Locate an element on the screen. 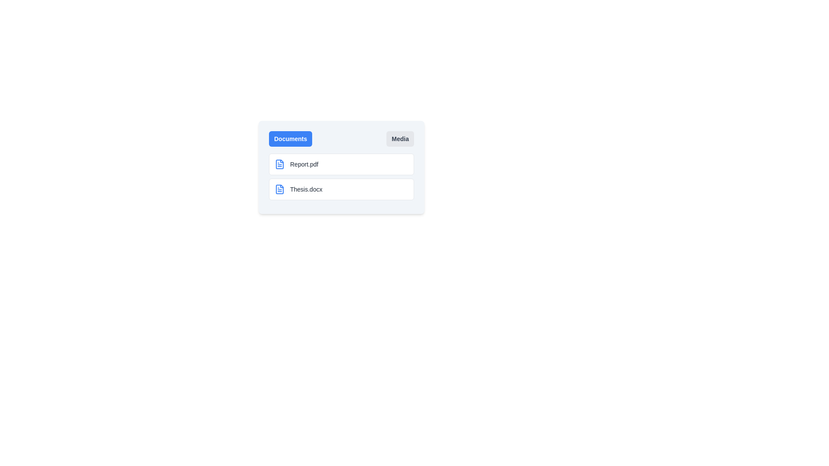 Image resolution: width=829 pixels, height=466 pixels. the icon located at the leftmost side of the list item for 'Report.pdf', which serves as a visual indicator for the document type is located at coordinates (280, 164).